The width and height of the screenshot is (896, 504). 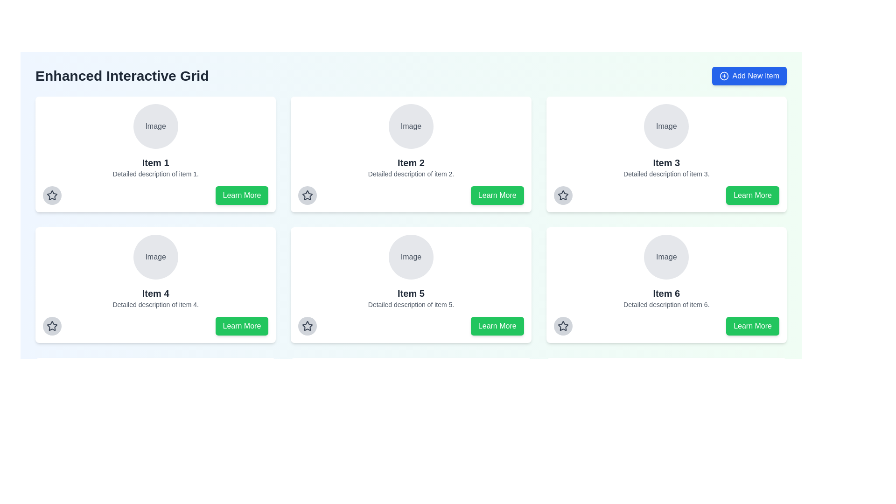 What do you see at coordinates (411, 162) in the screenshot?
I see `text content of the bold, dark gray 'Item 2' label located in the second row of a grid layout, positioned below an image and above descriptive details` at bounding box center [411, 162].